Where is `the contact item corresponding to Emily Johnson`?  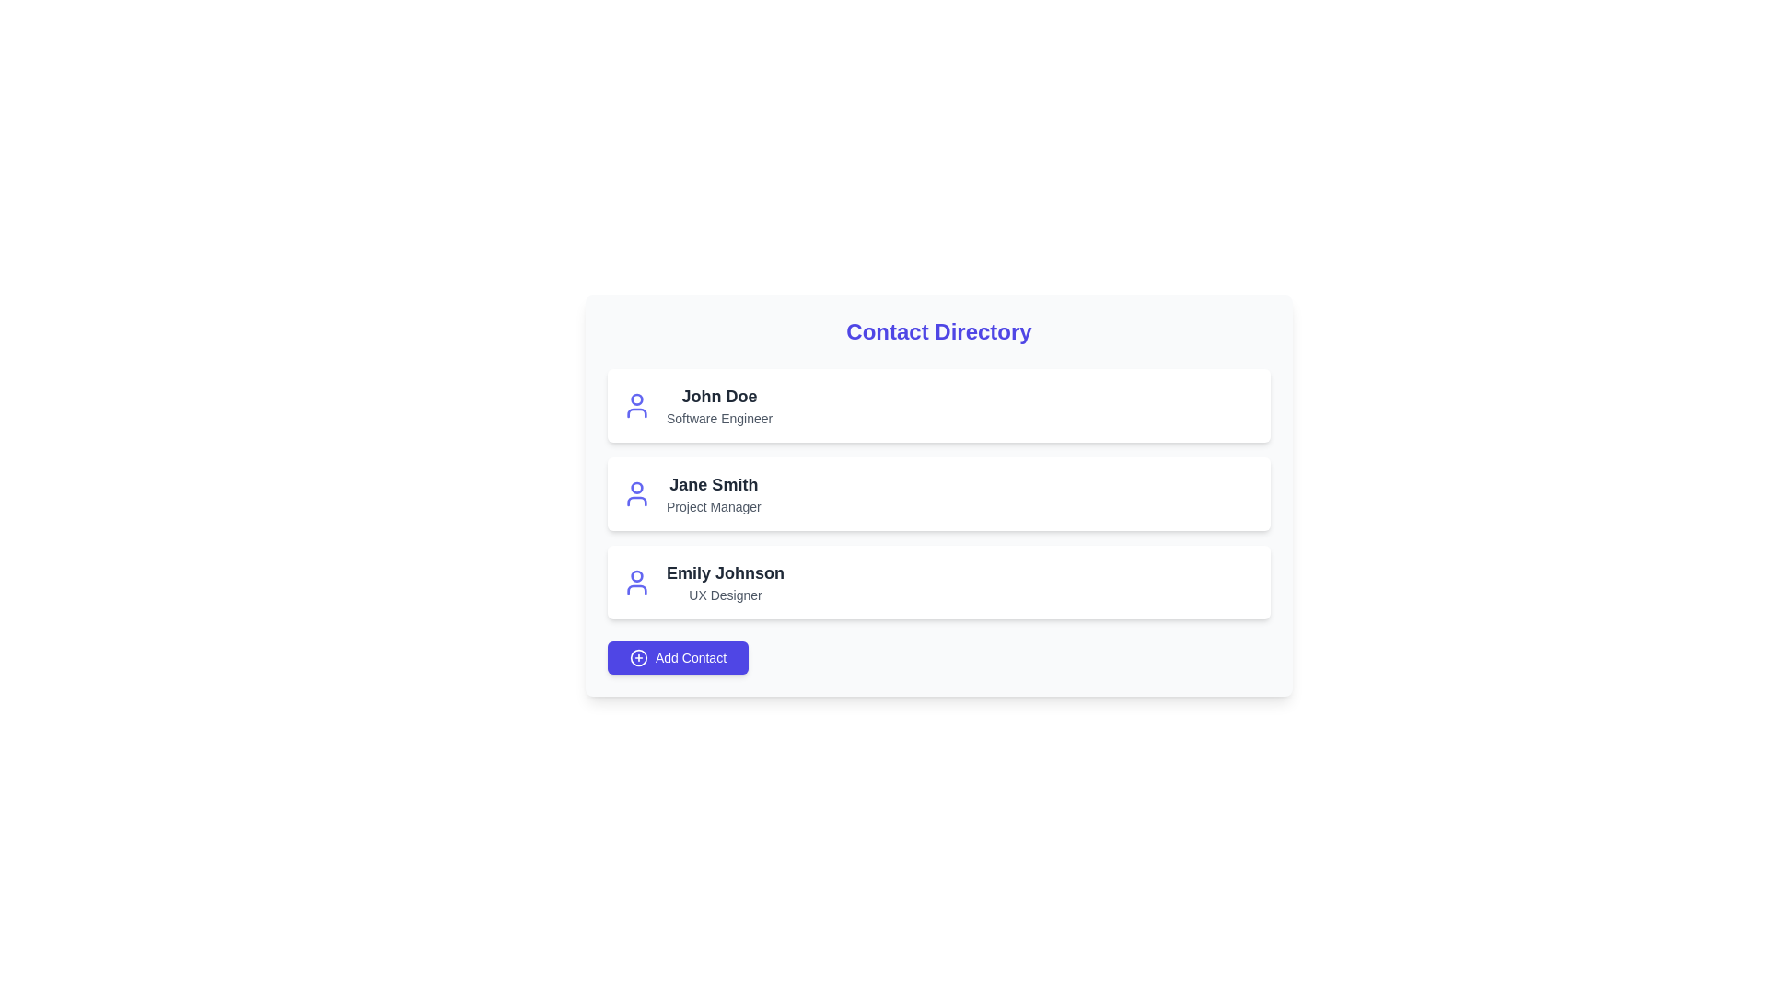
the contact item corresponding to Emily Johnson is located at coordinates (938, 582).